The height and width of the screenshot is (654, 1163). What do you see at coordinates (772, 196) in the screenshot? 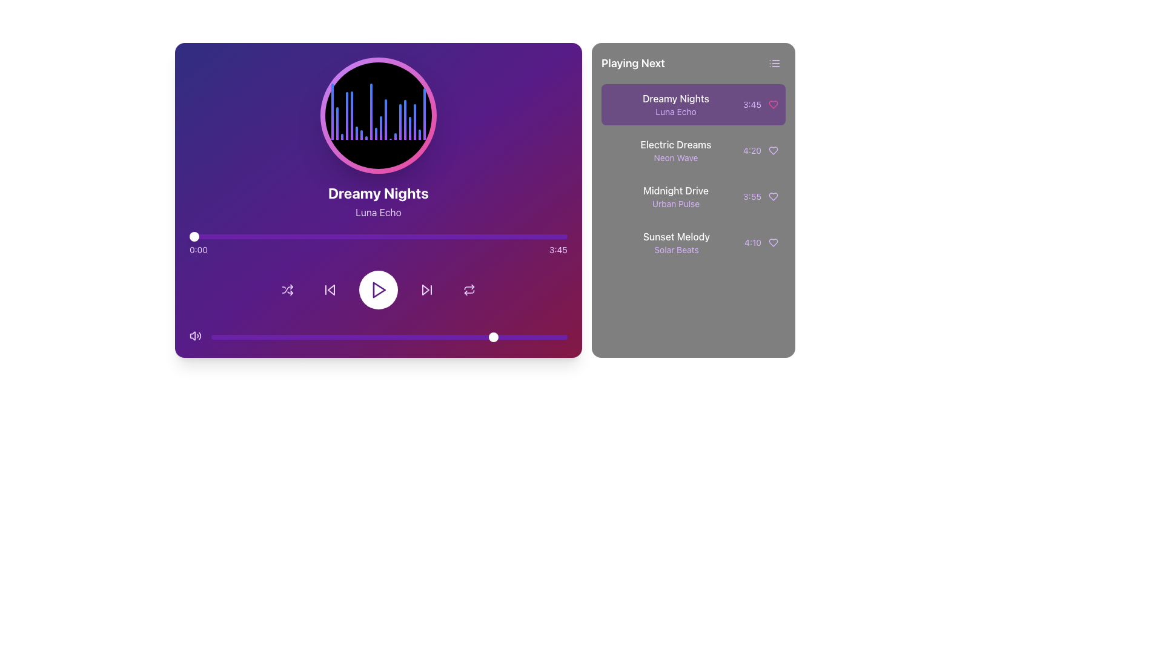
I see `the heart-shaped icon button to favorite or unfavorite the song 'Midnight Drive' located in the 'Playing Next' section` at bounding box center [772, 196].